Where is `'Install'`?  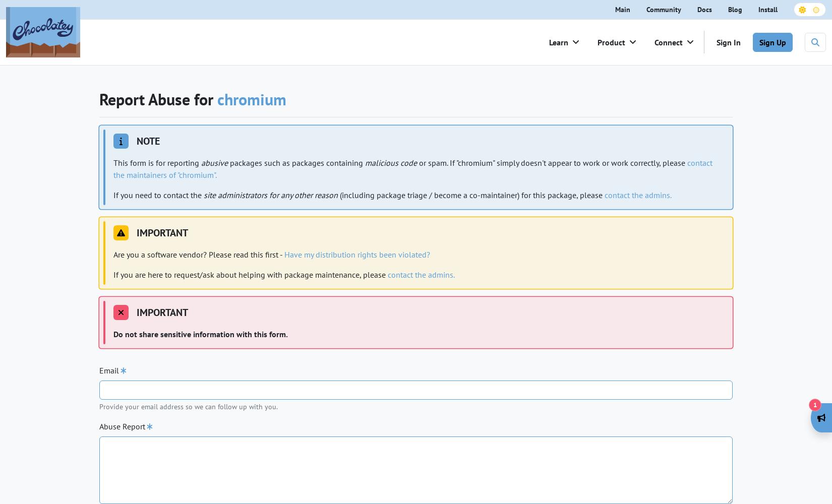
'Install' is located at coordinates (767, 9).